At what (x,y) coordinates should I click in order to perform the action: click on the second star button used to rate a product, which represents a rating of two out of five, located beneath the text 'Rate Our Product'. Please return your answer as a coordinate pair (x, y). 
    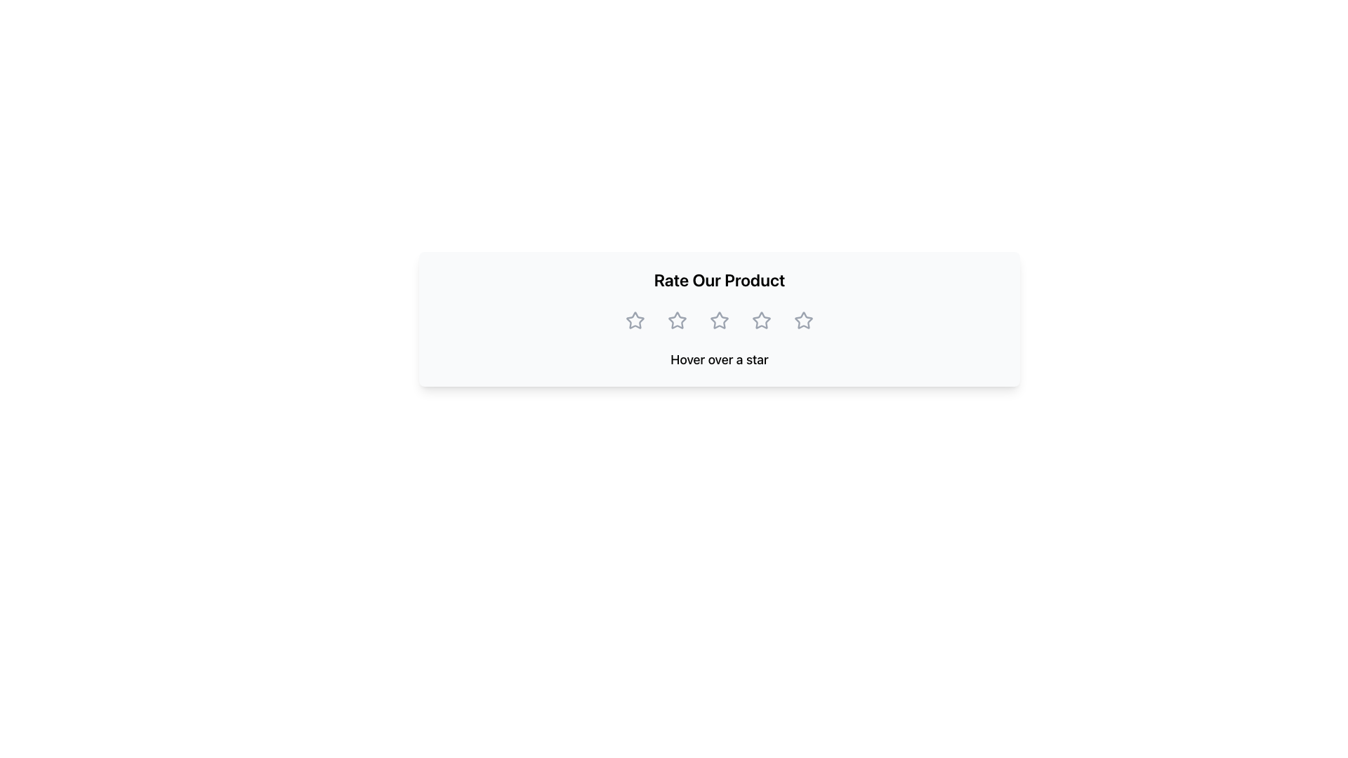
    Looking at the image, I should click on (677, 320).